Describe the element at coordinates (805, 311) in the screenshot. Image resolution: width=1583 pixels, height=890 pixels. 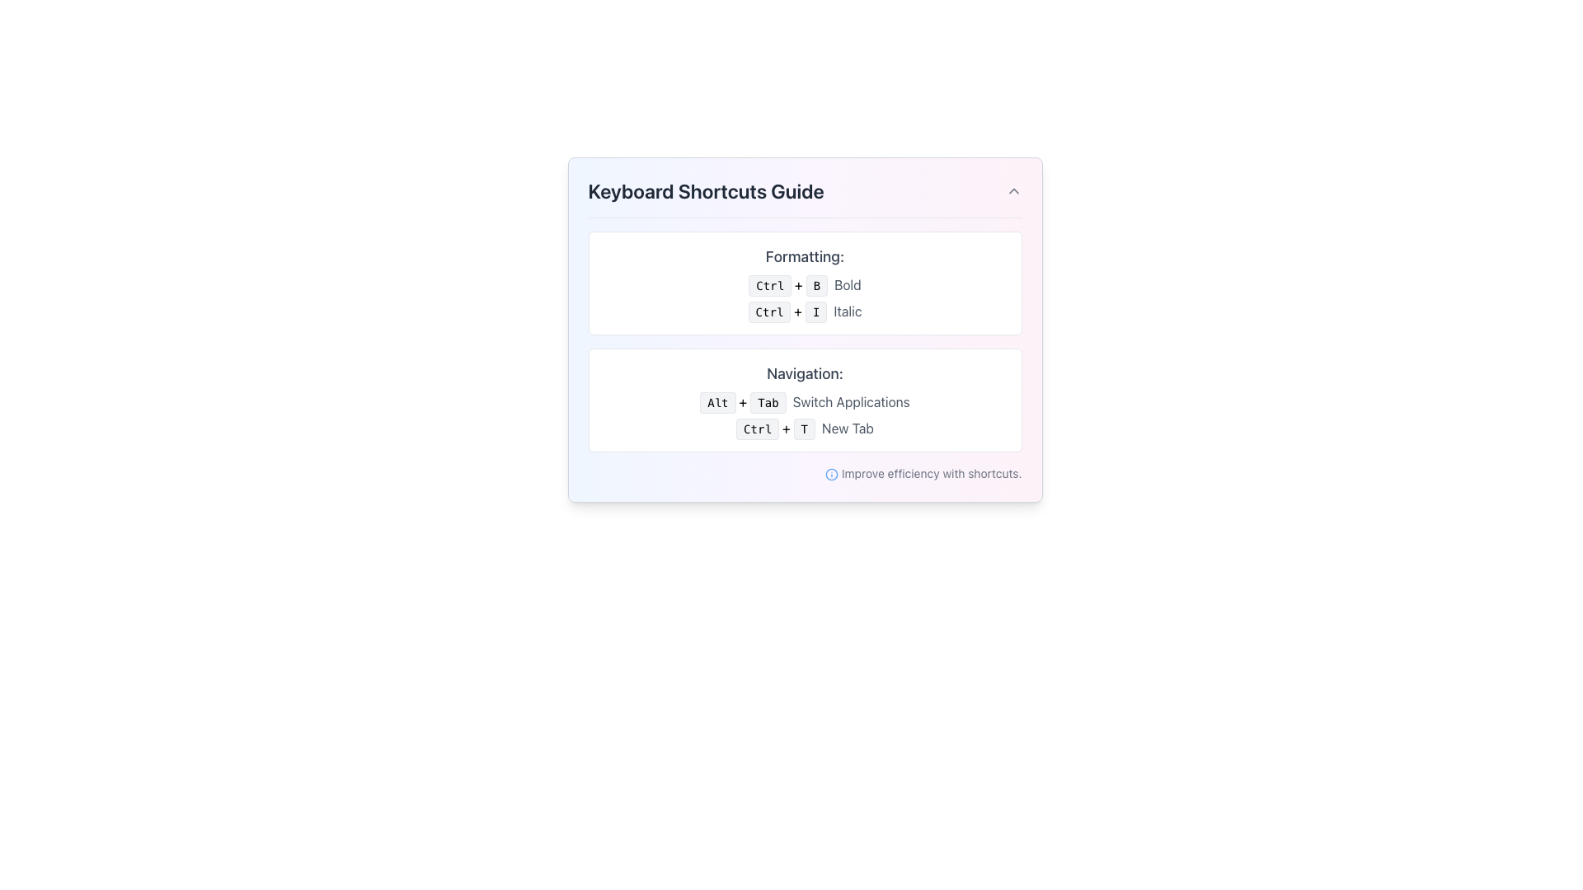
I see `the Informative Label displaying the shortcut for toggling italic formatting, which shows 'Ctrl + I Italic' and is located in the 'Formatting' section of the 'Keyboard Shortcuts Guide'` at that location.